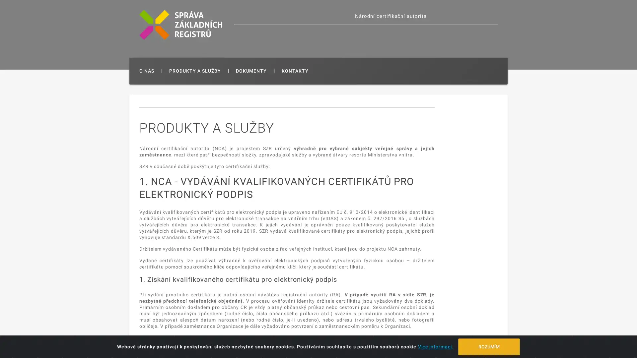 This screenshot has width=637, height=358. What do you see at coordinates (489, 346) in the screenshot?
I see `ROZUMIM` at bounding box center [489, 346].